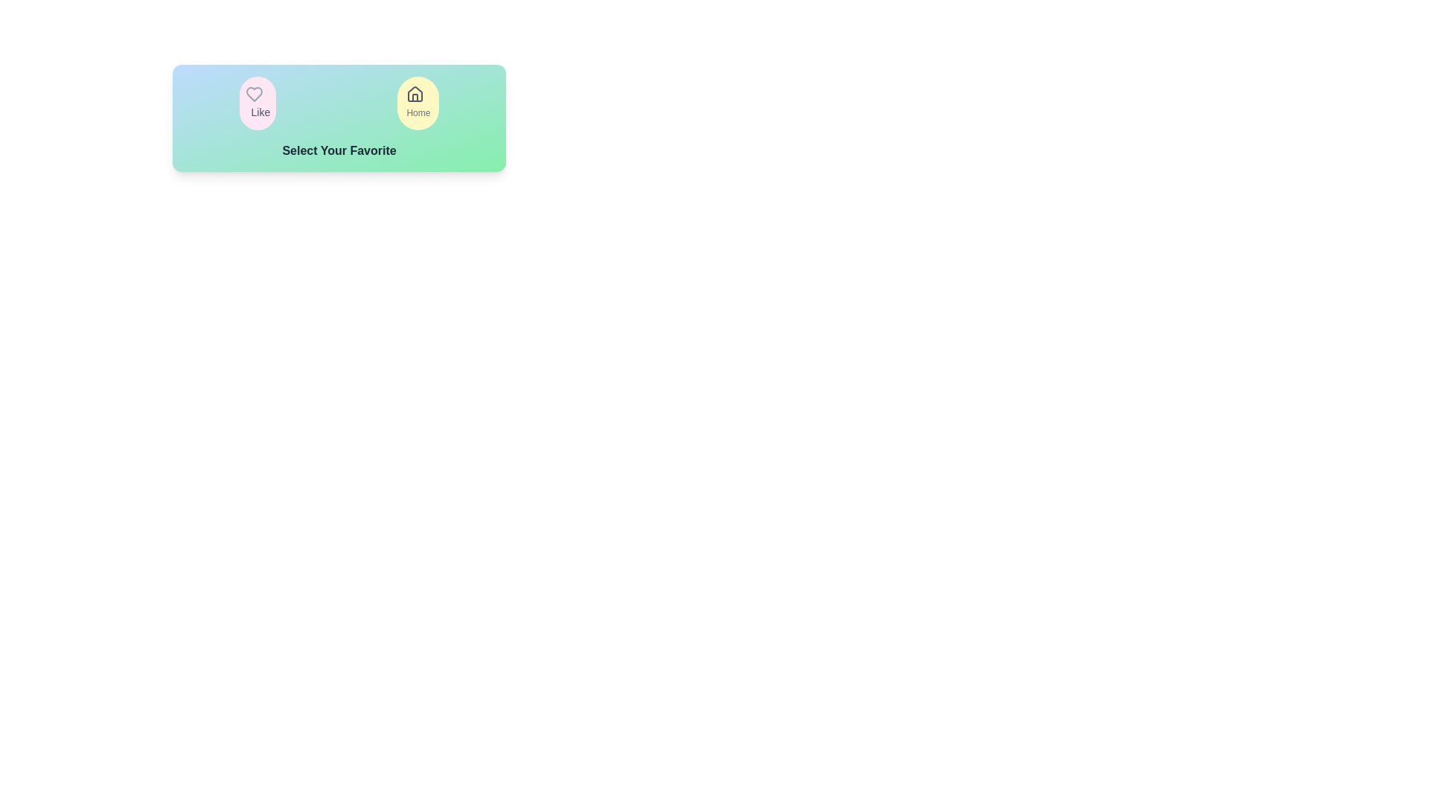 The height and width of the screenshot is (804, 1429). What do you see at coordinates (418, 102) in the screenshot?
I see `the second button in the top-right section` at bounding box center [418, 102].